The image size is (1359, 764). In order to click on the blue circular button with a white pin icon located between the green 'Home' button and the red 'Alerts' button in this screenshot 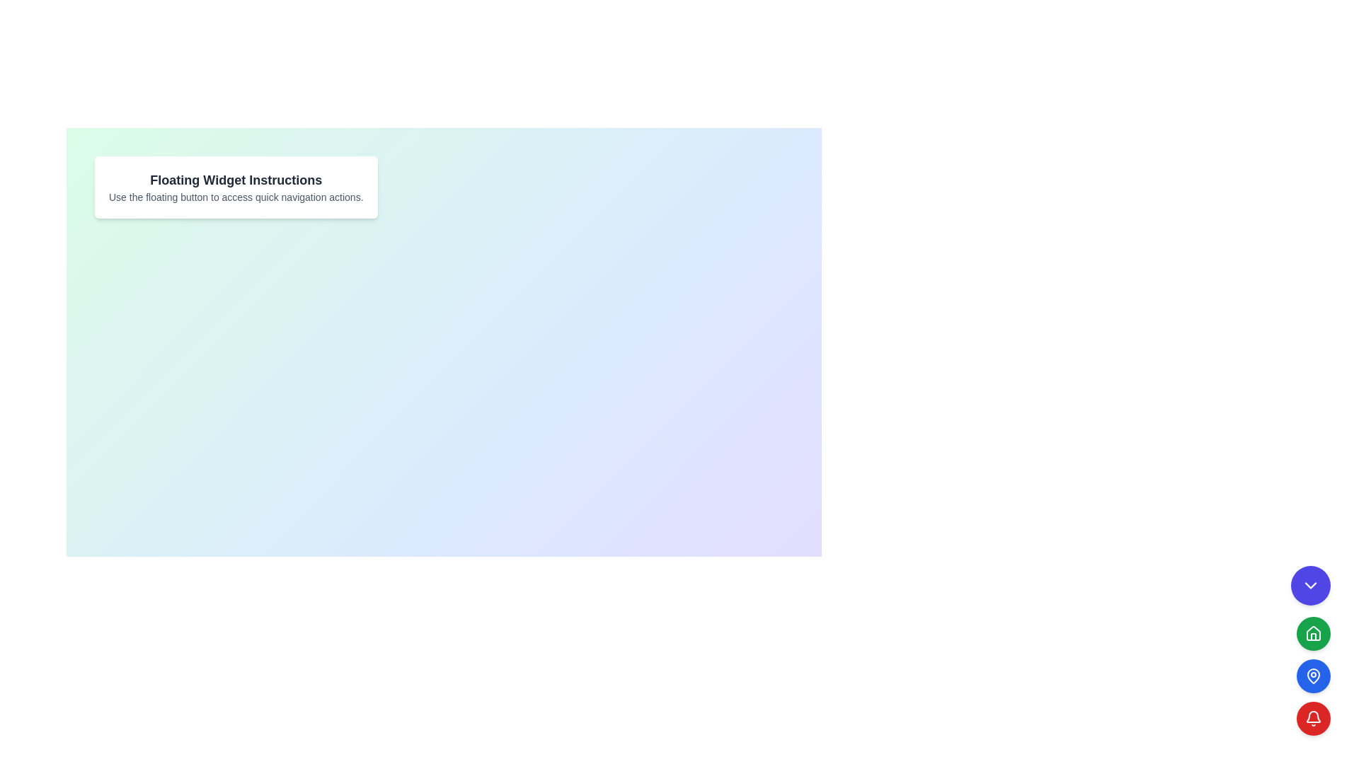, I will do `click(1310, 676)`.